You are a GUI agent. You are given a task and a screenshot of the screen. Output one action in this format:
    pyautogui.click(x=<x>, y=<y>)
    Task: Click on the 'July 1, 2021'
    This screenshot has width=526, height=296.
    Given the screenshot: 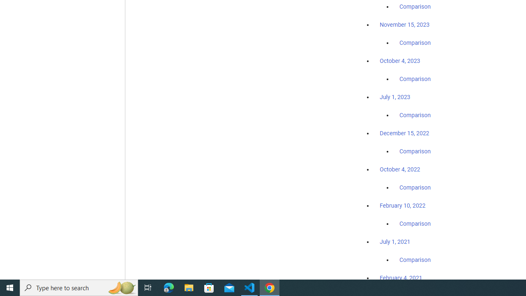 What is the action you would take?
    pyautogui.click(x=395, y=241)
    